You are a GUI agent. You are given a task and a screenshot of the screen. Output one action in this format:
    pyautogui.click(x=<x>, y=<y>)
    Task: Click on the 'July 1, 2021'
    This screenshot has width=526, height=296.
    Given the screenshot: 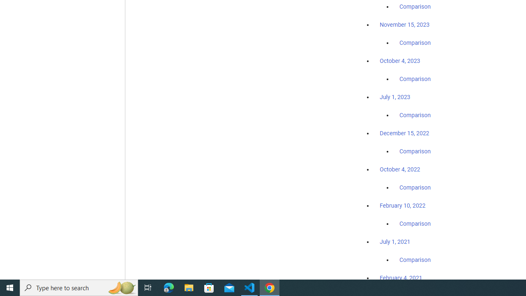 What is the action you would take?
    pyautogui.click(x=395, y=241)
    